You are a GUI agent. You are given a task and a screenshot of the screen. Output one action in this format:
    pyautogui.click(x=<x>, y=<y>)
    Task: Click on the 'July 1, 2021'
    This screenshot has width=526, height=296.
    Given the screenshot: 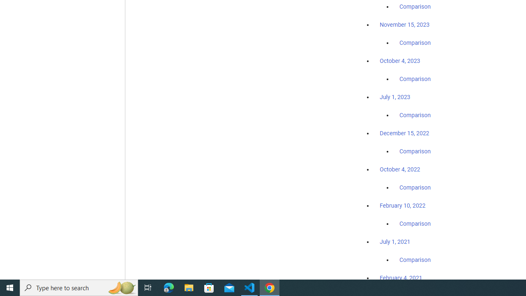 What is the action you would take?
    pyautogui.click(x=395, y=241)
    